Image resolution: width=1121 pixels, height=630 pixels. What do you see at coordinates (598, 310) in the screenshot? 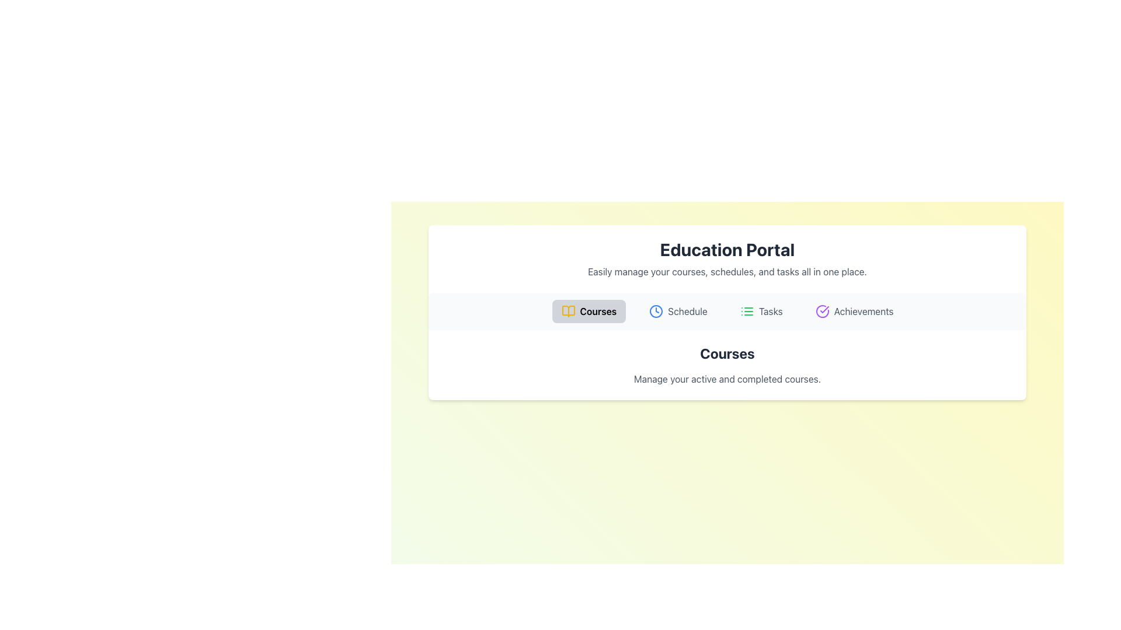
I see `the 'Courses' label for the navigation tab` at bounding box center [598, 310].